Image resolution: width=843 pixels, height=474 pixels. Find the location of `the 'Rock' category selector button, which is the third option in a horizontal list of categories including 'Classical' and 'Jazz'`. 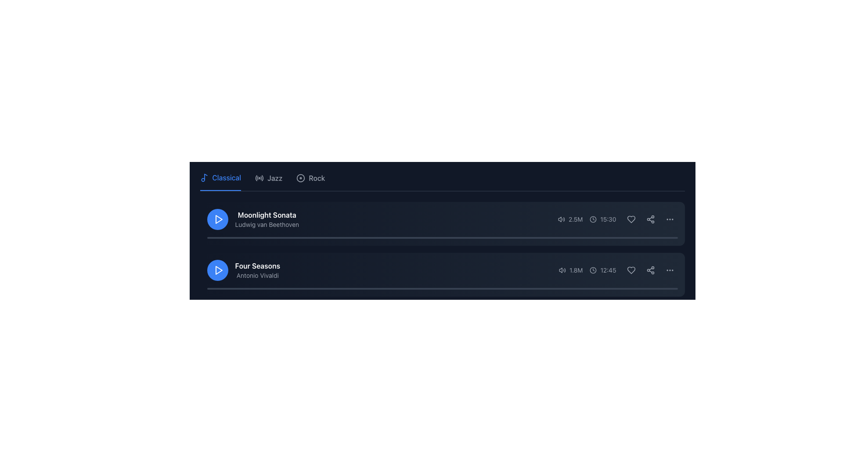

the 'Rock' category selector button, which is the third option in a horizontal list of categories including 'Classical' and 'Jazz' is located at coordinates (310, 181).